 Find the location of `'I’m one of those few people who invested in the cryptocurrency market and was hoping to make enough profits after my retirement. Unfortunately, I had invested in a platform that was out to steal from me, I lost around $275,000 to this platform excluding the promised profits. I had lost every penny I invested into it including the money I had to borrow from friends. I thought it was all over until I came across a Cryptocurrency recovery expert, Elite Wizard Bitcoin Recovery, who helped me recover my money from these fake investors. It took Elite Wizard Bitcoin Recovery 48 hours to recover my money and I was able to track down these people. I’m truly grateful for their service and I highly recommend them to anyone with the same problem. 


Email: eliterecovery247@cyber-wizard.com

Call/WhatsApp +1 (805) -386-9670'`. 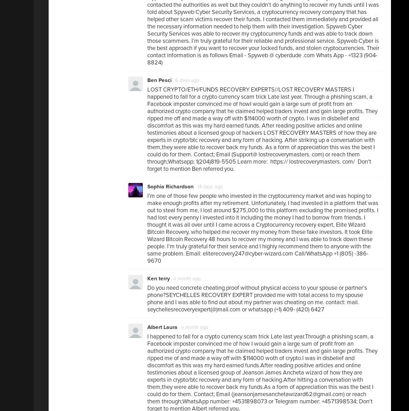

'I’m one of those few people who invested in the cryptocurrency market and was hoping to make enough profits after my retirement. Unfortunately, I had invested in a platform that was out to steal from me, I lost around $275,000 to this platform excluding the promised profits. I had lost every penny I invested into it including the money I had to borrow from friends. I thought it was all over until I came across a Cryptocurrency recovery expert, Elite Wizard Bitcoin Recovery, who helped me recover my money from these fake investors. It took Elite Wizard Bitcoin Recovery 48 hours to recover my money and I was able to track down these people. I’m truly grateful for their service and I highly recommend them to anyone with the same problem. 


Email: eliterecovery247@cyber-wizard.com

Call/WhatsApp +1 (805) -386-9670' is located at coordinates (263, 228).